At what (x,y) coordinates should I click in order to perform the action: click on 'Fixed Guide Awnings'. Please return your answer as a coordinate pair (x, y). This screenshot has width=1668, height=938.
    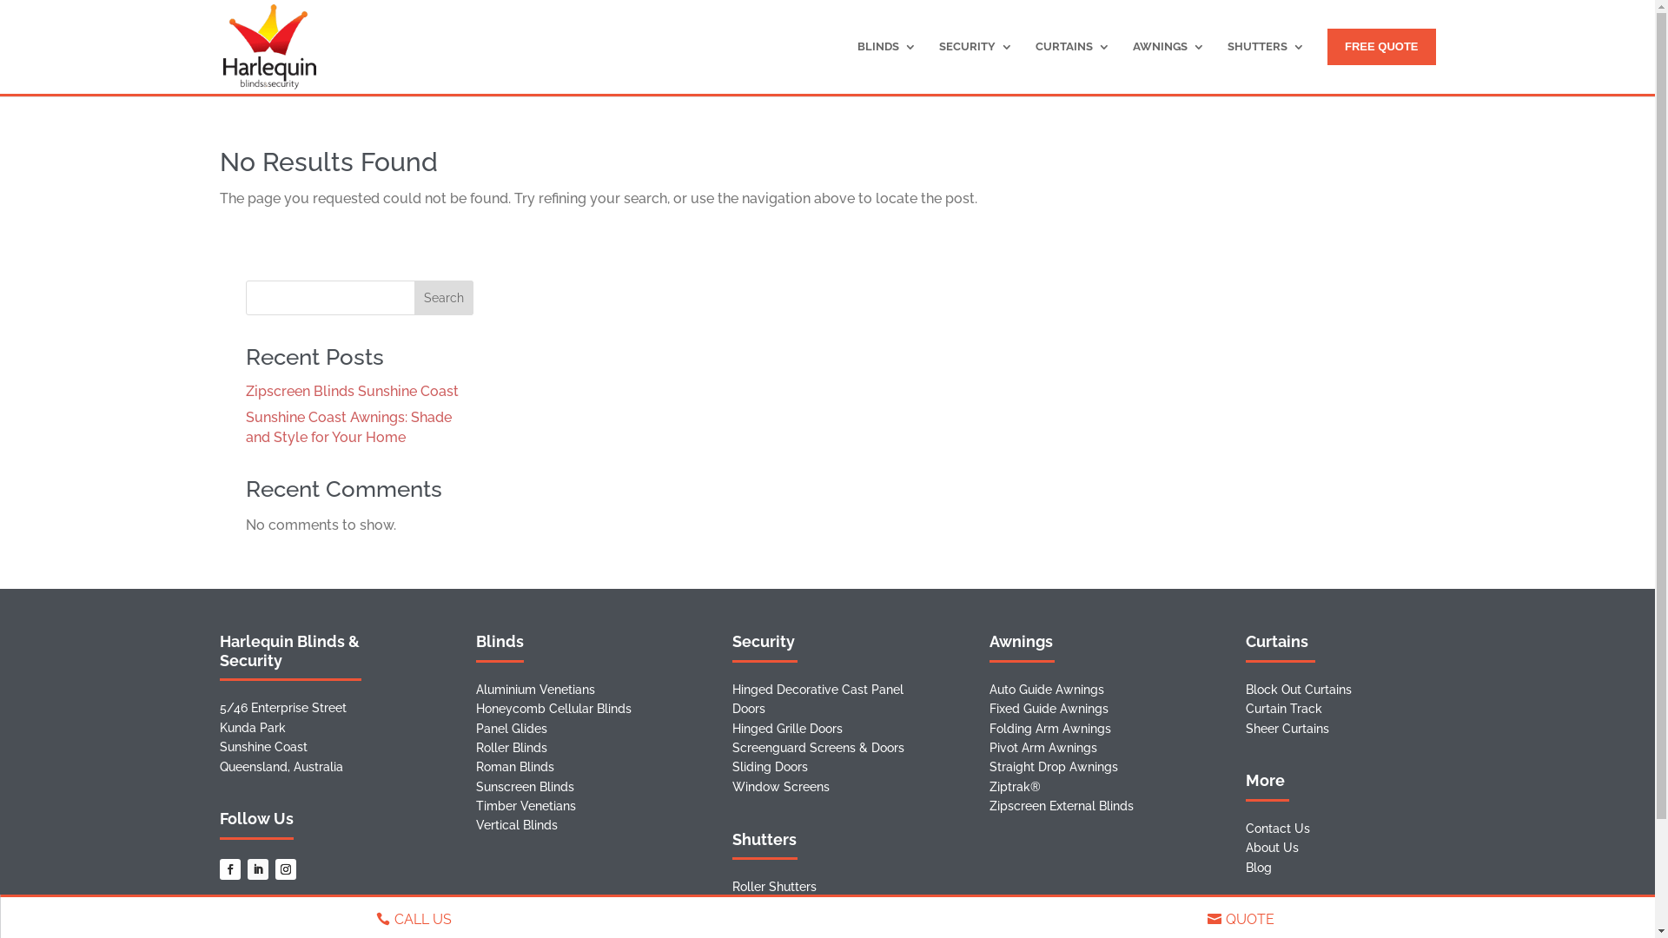
    Looking at the image, I should click on (1048, 709).